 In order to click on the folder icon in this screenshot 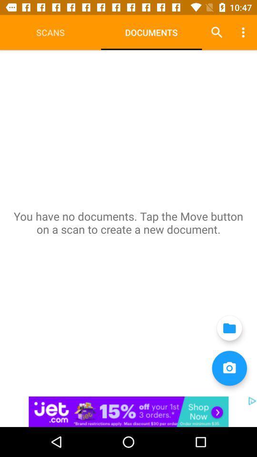, I will do `click(229, 328)`.